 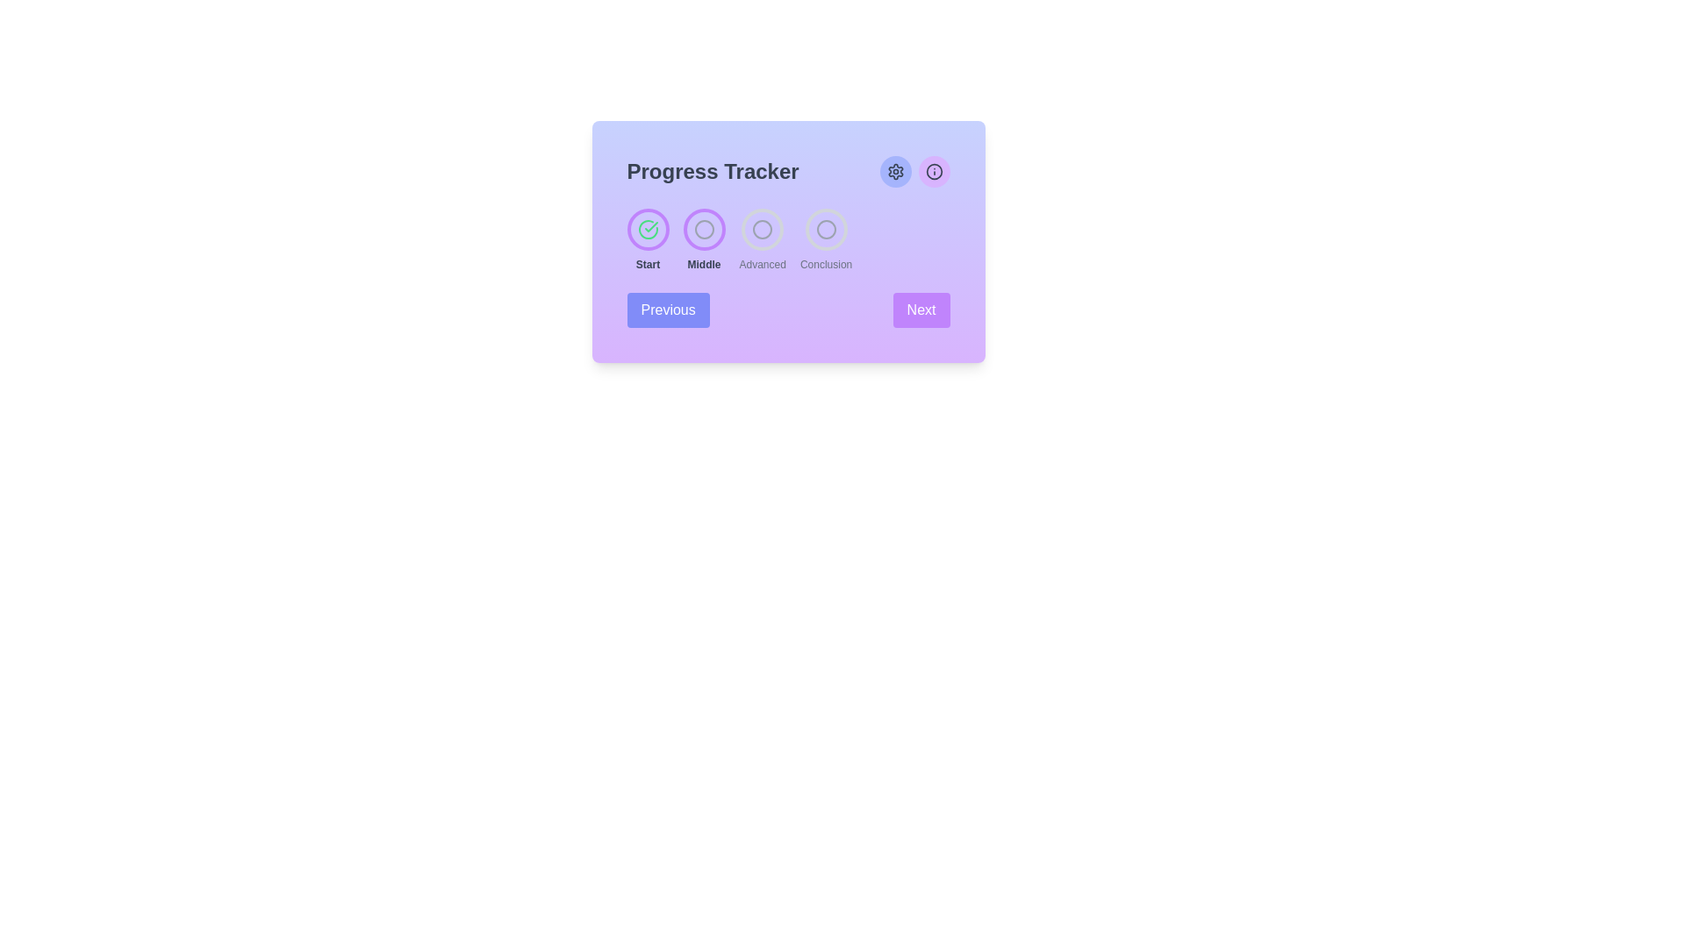 I want to click on the second circular icon in the sequence, which is outlined with a thin gray stroke and filled with no color, located on a light purple card interface, so click(x=704, y=229).